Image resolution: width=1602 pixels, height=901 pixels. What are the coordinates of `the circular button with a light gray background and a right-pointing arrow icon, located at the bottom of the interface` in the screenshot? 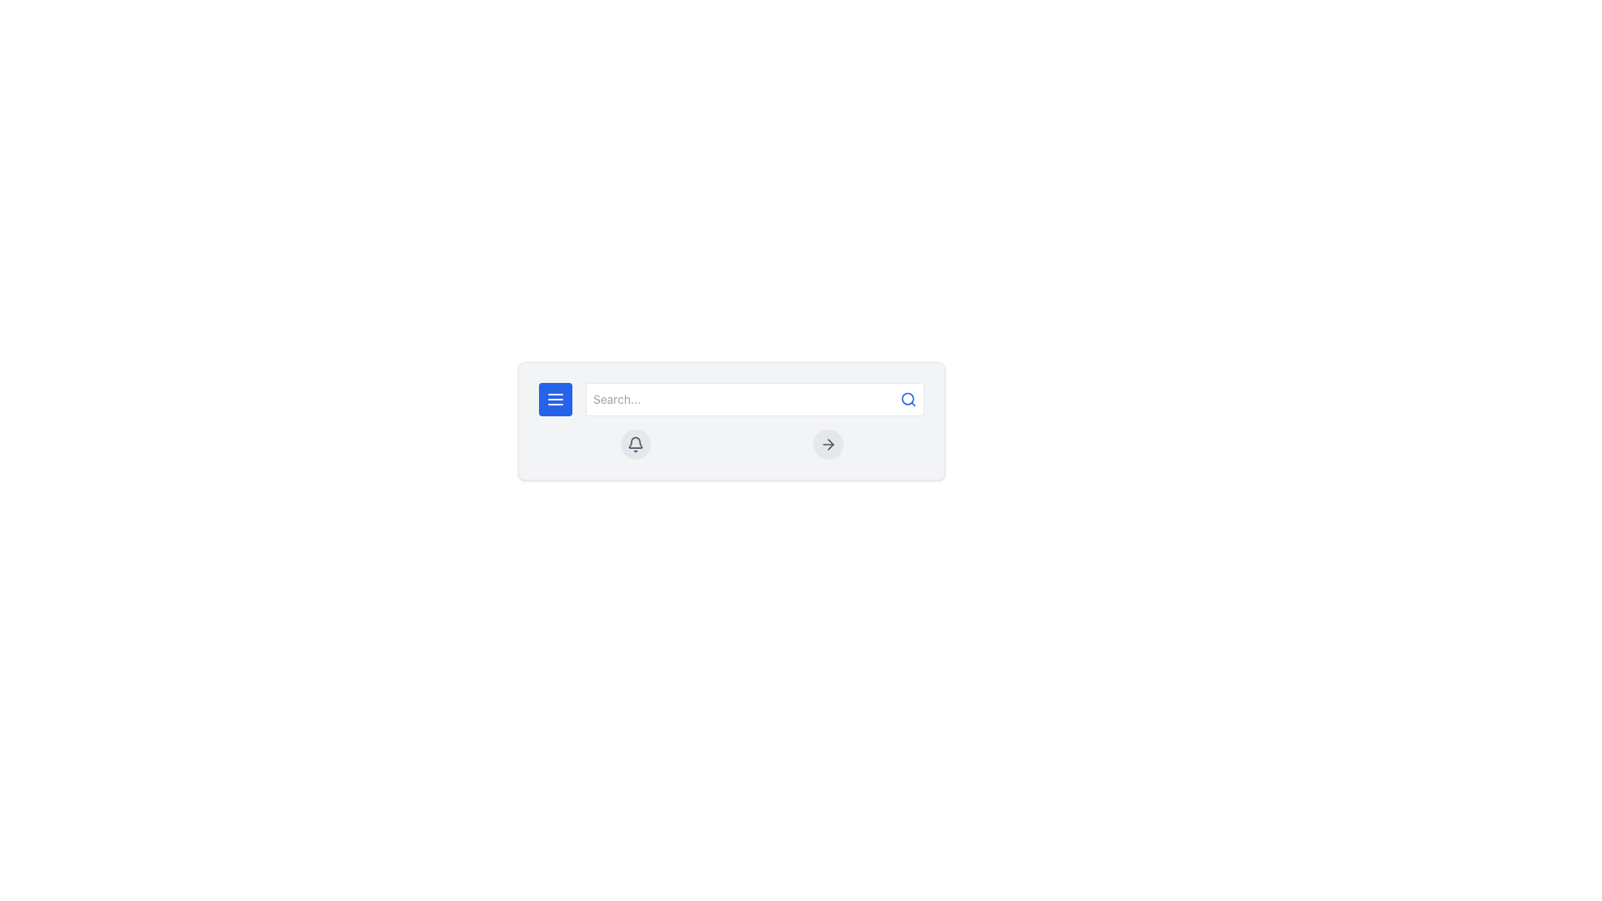 It's located at (828, 443).